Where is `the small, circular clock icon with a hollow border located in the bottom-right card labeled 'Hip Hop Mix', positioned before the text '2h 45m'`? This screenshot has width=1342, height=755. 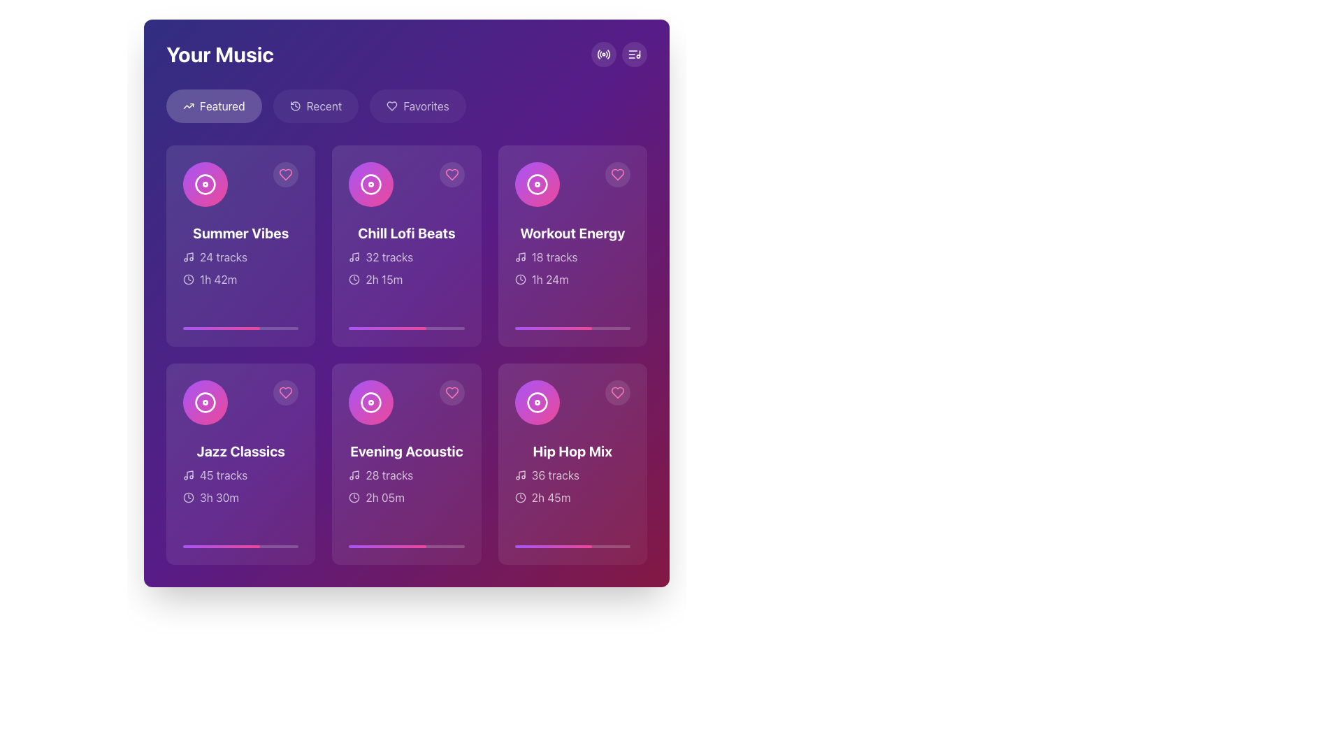 the small, circular clock icon with a hollow border located in the bottom-right card labeled 'Hip Hop Mix', positioned before the text '2h 45m' is located at coordinates (519, 497).